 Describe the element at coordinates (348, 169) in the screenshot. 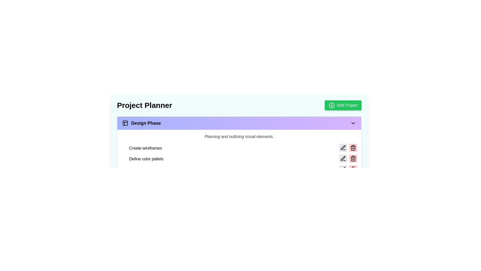

I see `the trashcan button located in the bottom-right corner of the task row labeled 'Design mockups'` at that location.